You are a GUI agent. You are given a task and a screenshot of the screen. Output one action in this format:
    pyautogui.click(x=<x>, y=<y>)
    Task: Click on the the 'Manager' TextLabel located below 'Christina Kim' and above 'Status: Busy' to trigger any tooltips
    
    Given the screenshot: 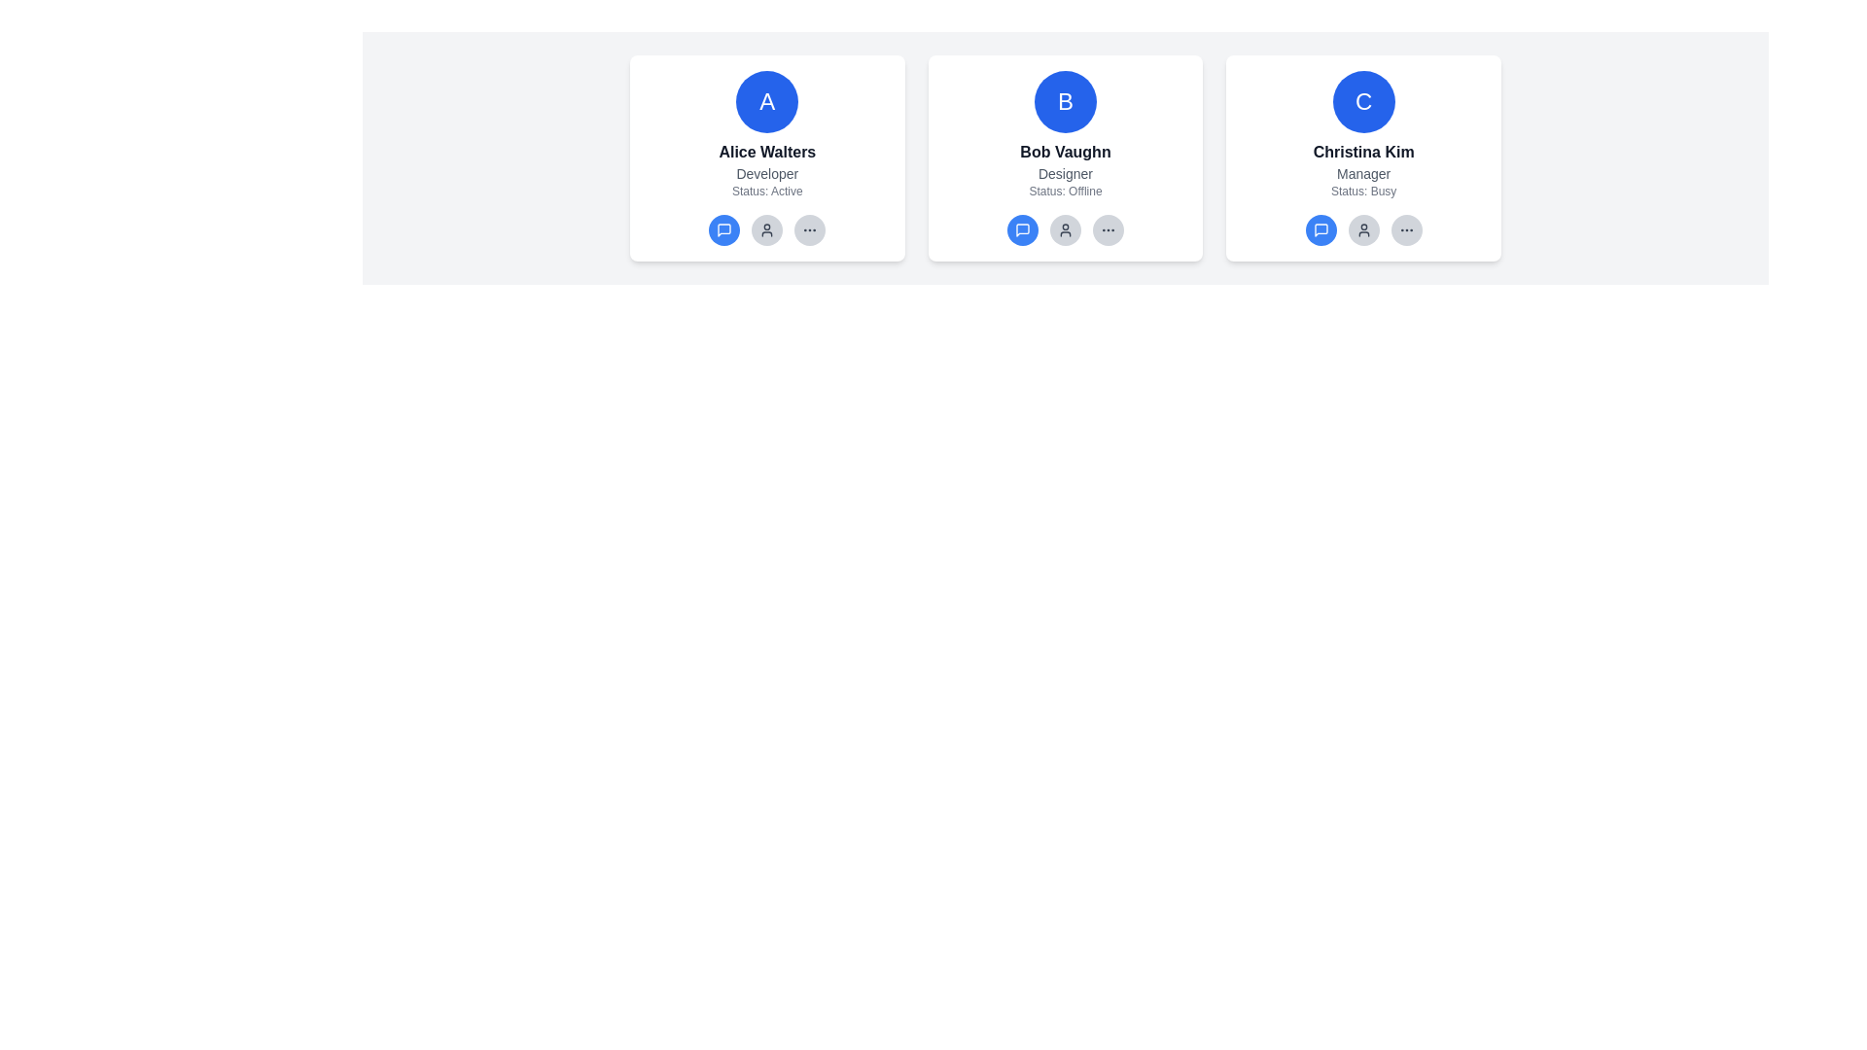 What is the action you would take?
    pyautogui.click(x=1362, y=172)
    